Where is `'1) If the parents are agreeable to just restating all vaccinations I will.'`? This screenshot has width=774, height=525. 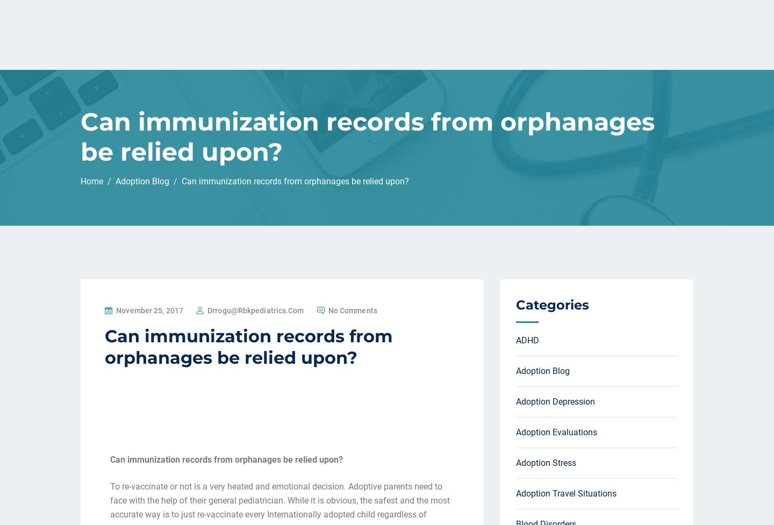 '1) If the parents are agreeable to just restating all vaccinations I will.' is located at coordinates (239, 85).